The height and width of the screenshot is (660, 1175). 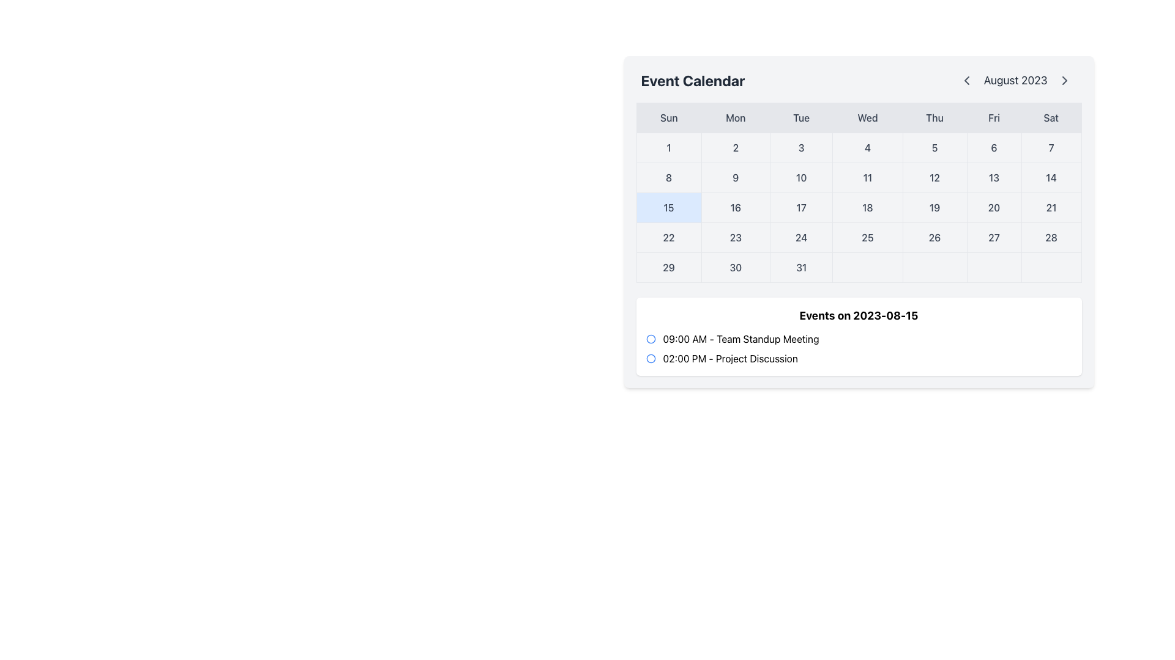 I want to click on event title and time displayed in the first entry under 'Events on 2023-08-15', which is centrally located in the content box beneath the calendar section, so click(x=858, y=339).